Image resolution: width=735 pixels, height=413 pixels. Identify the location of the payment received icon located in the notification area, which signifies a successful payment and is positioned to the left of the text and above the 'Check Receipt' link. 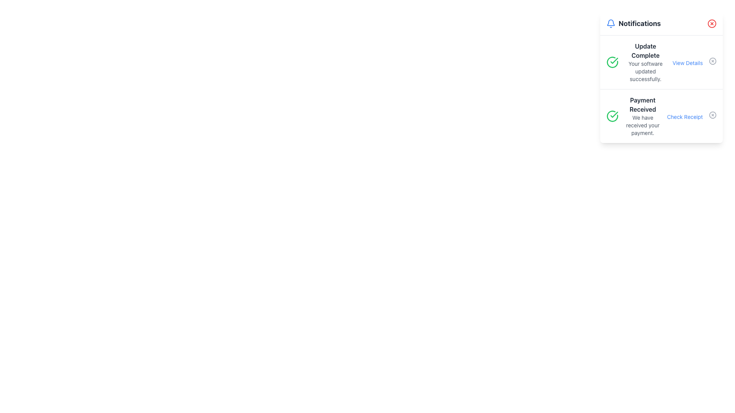
(612, 116).